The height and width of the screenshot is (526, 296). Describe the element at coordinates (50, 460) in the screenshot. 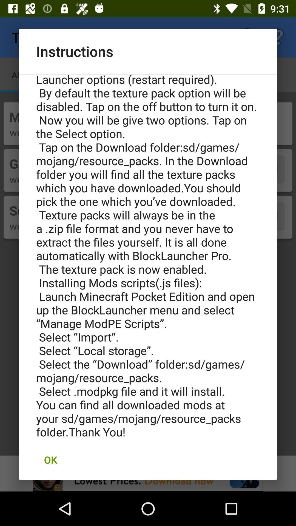

I see `ok` at that location.